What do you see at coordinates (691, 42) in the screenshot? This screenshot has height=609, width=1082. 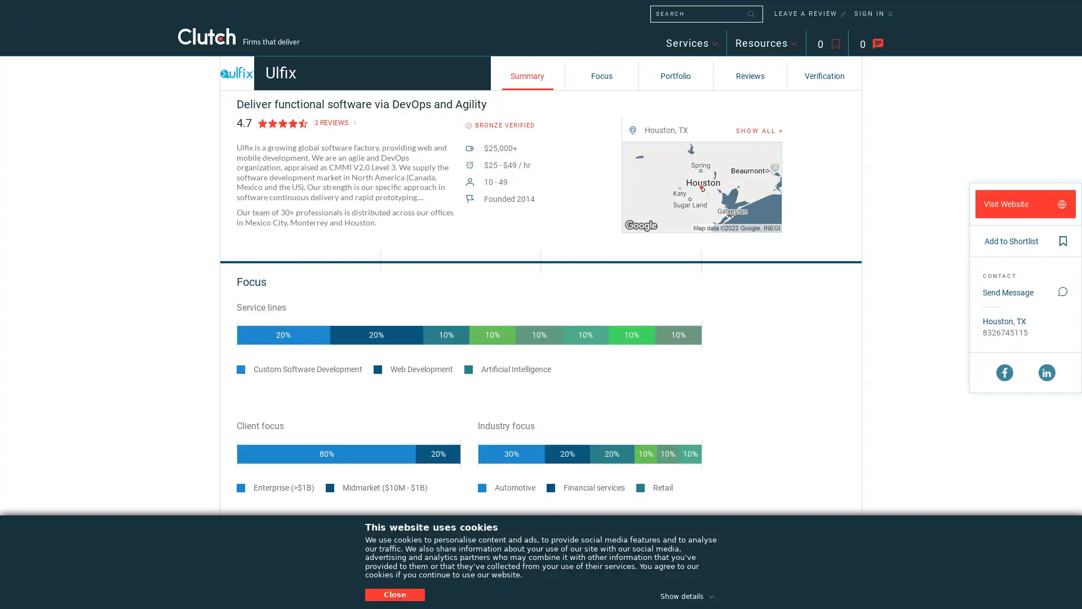 I see `Services` at bounding box center [691, 42].